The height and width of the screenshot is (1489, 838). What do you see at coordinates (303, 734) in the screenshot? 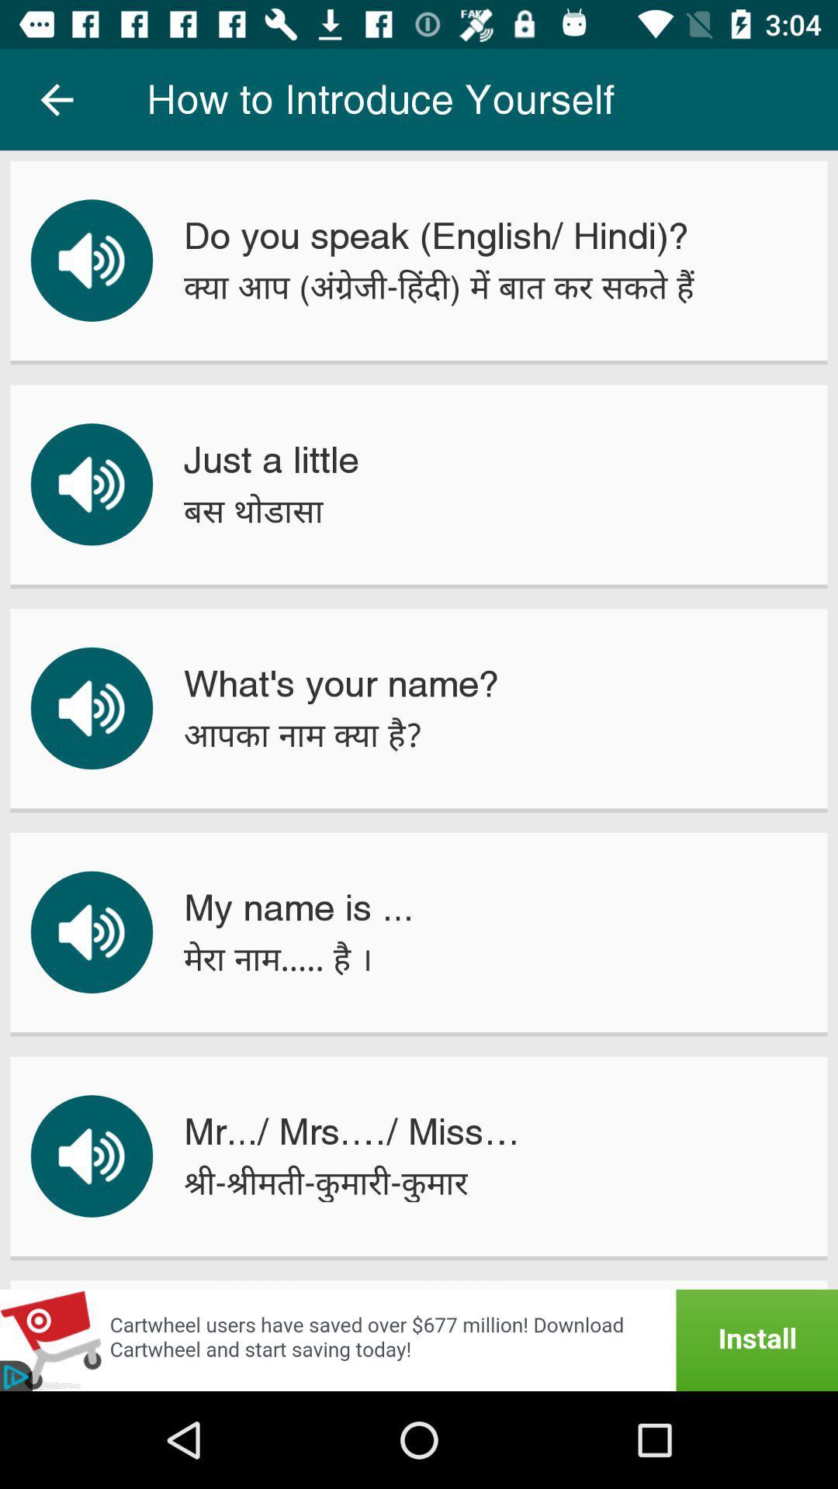
I see `the item above the my name is ... icon` at bounding box center [303, 734].